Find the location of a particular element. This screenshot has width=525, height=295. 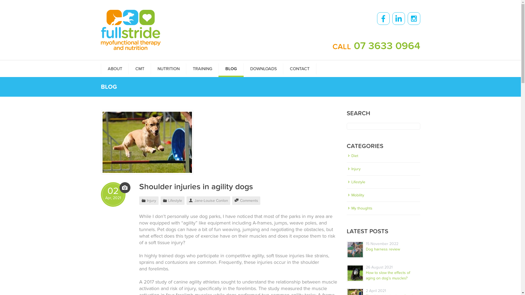

'Comments' is located at coordinates (249, 200).